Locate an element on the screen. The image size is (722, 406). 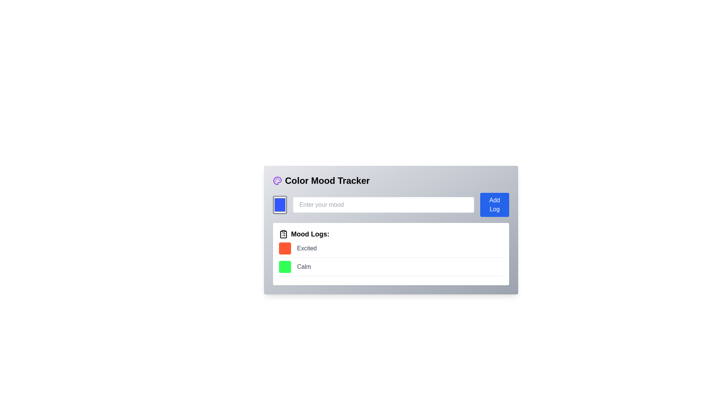
the clipboard icon, which is a minimalistic SVG graphic with a white background and black outlines, located to the left of the text 'Mood Logs:' in the lower-left section of the main interface is located at coordinates (283, 234).